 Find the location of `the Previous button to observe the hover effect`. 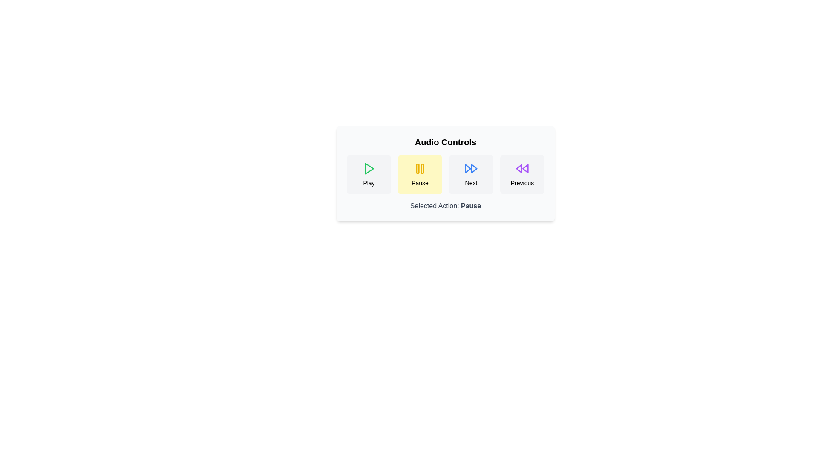

the Previous button to observe the hover effect is located at coordinates (521, 174).